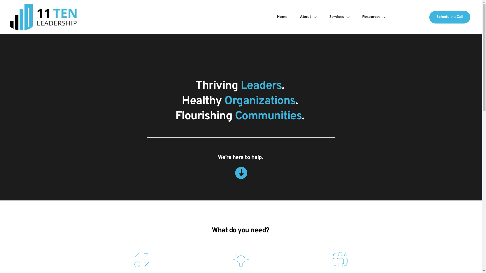 Image resolution: width=486 pixels, height=273 pixels. I want to click on 'About', so click(308, 17).